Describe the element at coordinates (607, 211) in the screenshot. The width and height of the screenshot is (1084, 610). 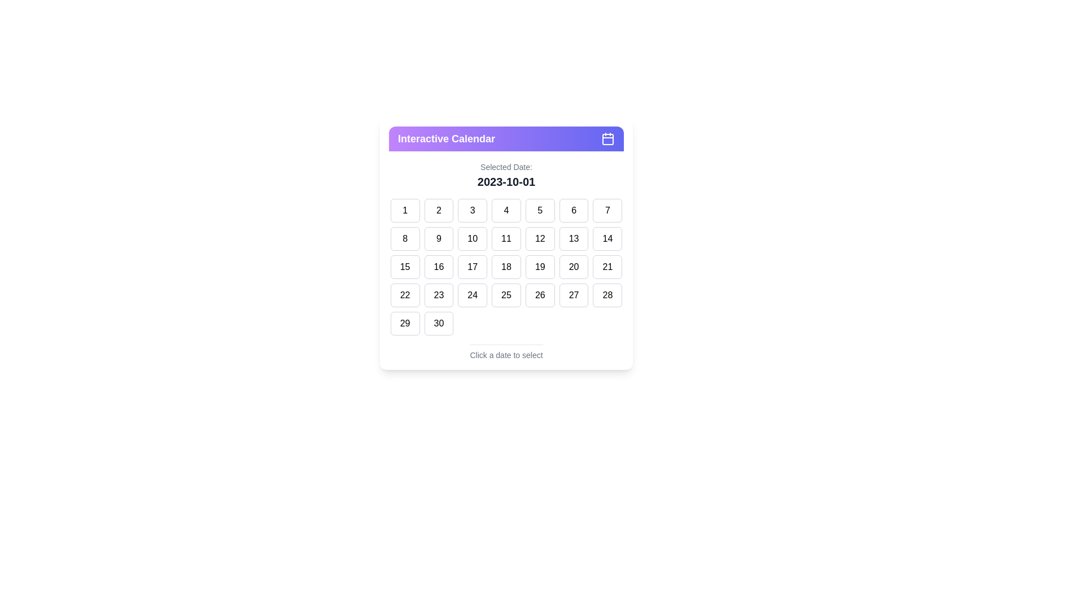
I see `the selectable date button representing the 7th of the displayed month in the calendar UI` at that location.